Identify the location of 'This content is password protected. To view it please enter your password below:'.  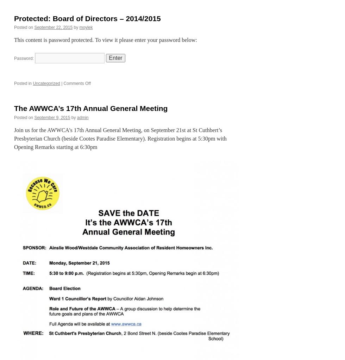
(105, 40).